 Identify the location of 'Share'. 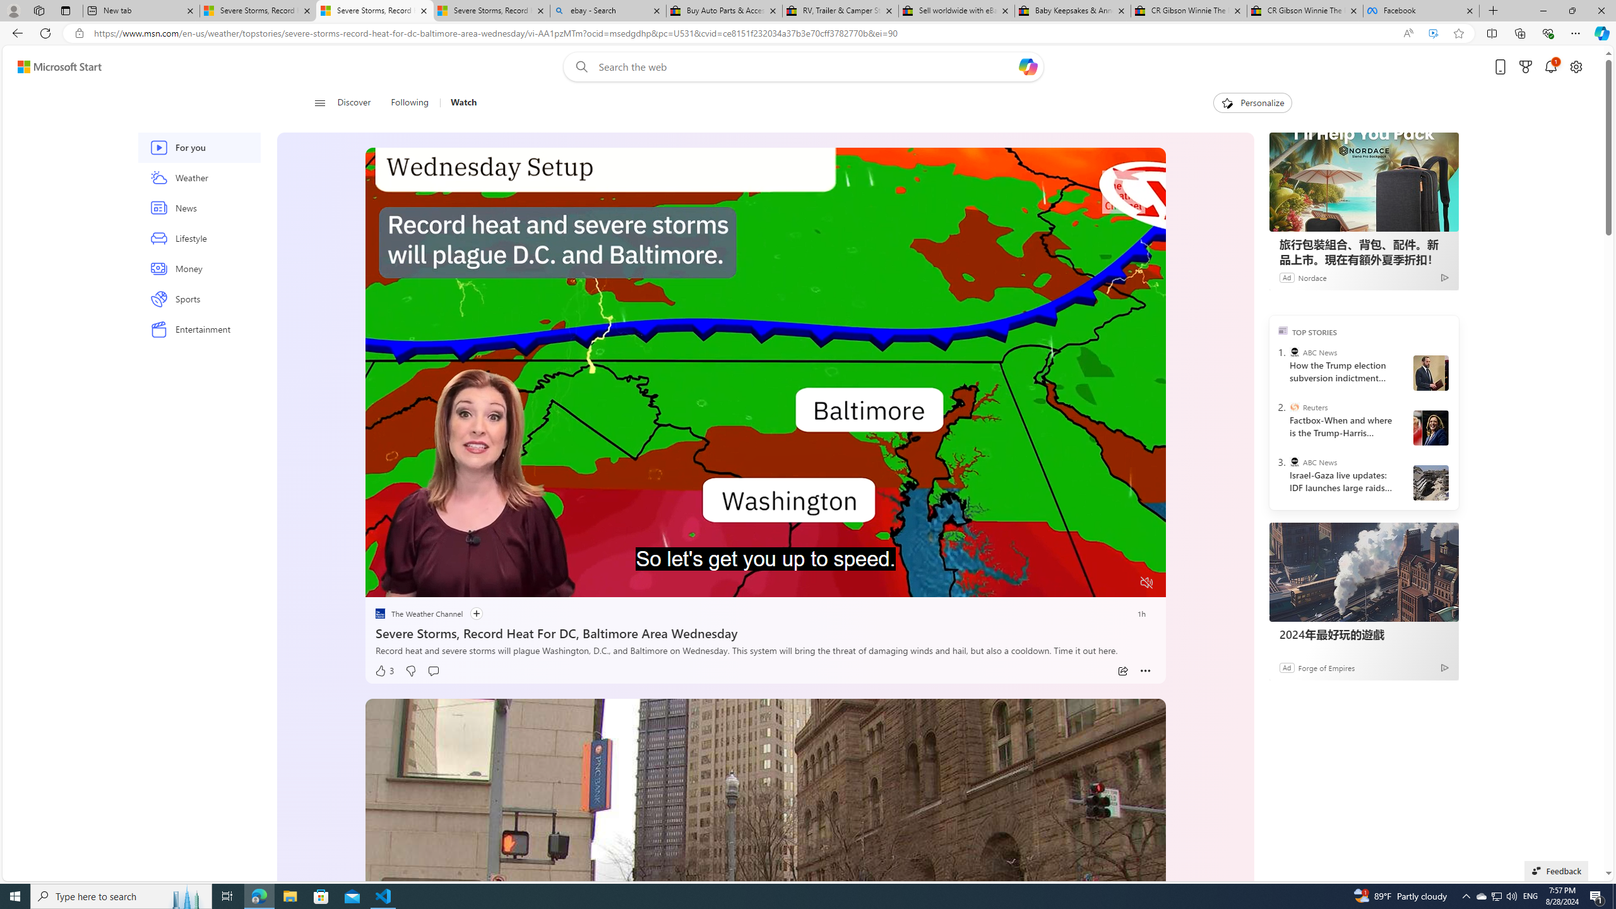
(1122, 670).